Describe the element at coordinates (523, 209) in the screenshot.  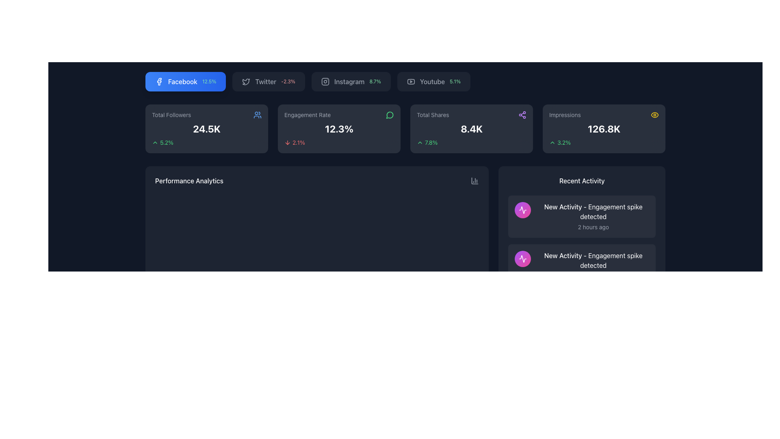
I see `the line chart icon button with a white outline on a pink circular background located in the 'Recent Activity' section for analytics details` at that location.